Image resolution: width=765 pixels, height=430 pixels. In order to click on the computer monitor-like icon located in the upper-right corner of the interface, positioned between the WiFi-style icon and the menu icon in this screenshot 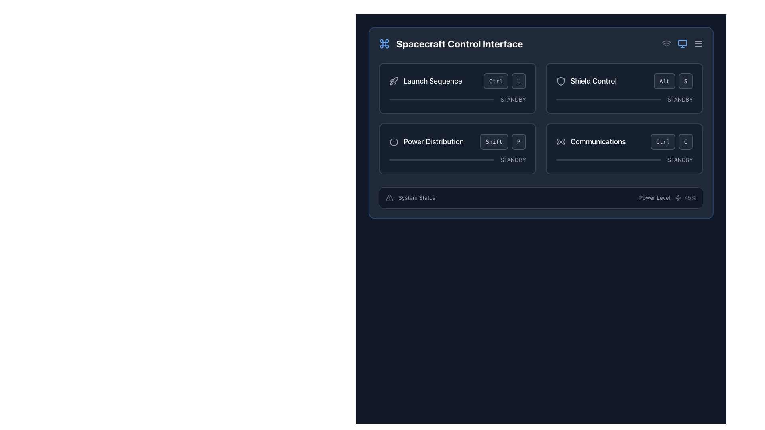, I will do `click(682, 44)`.